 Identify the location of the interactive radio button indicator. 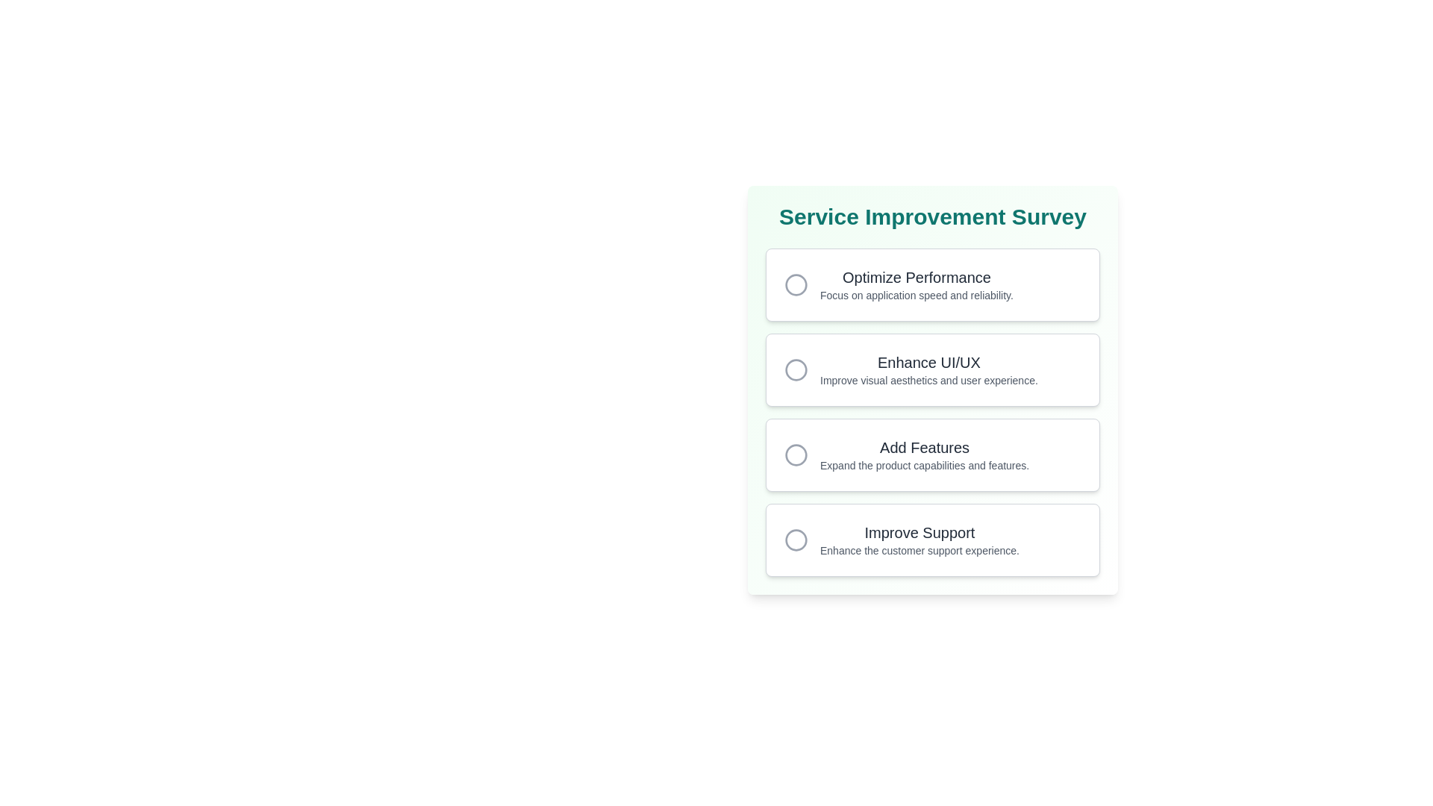
(795, 369).